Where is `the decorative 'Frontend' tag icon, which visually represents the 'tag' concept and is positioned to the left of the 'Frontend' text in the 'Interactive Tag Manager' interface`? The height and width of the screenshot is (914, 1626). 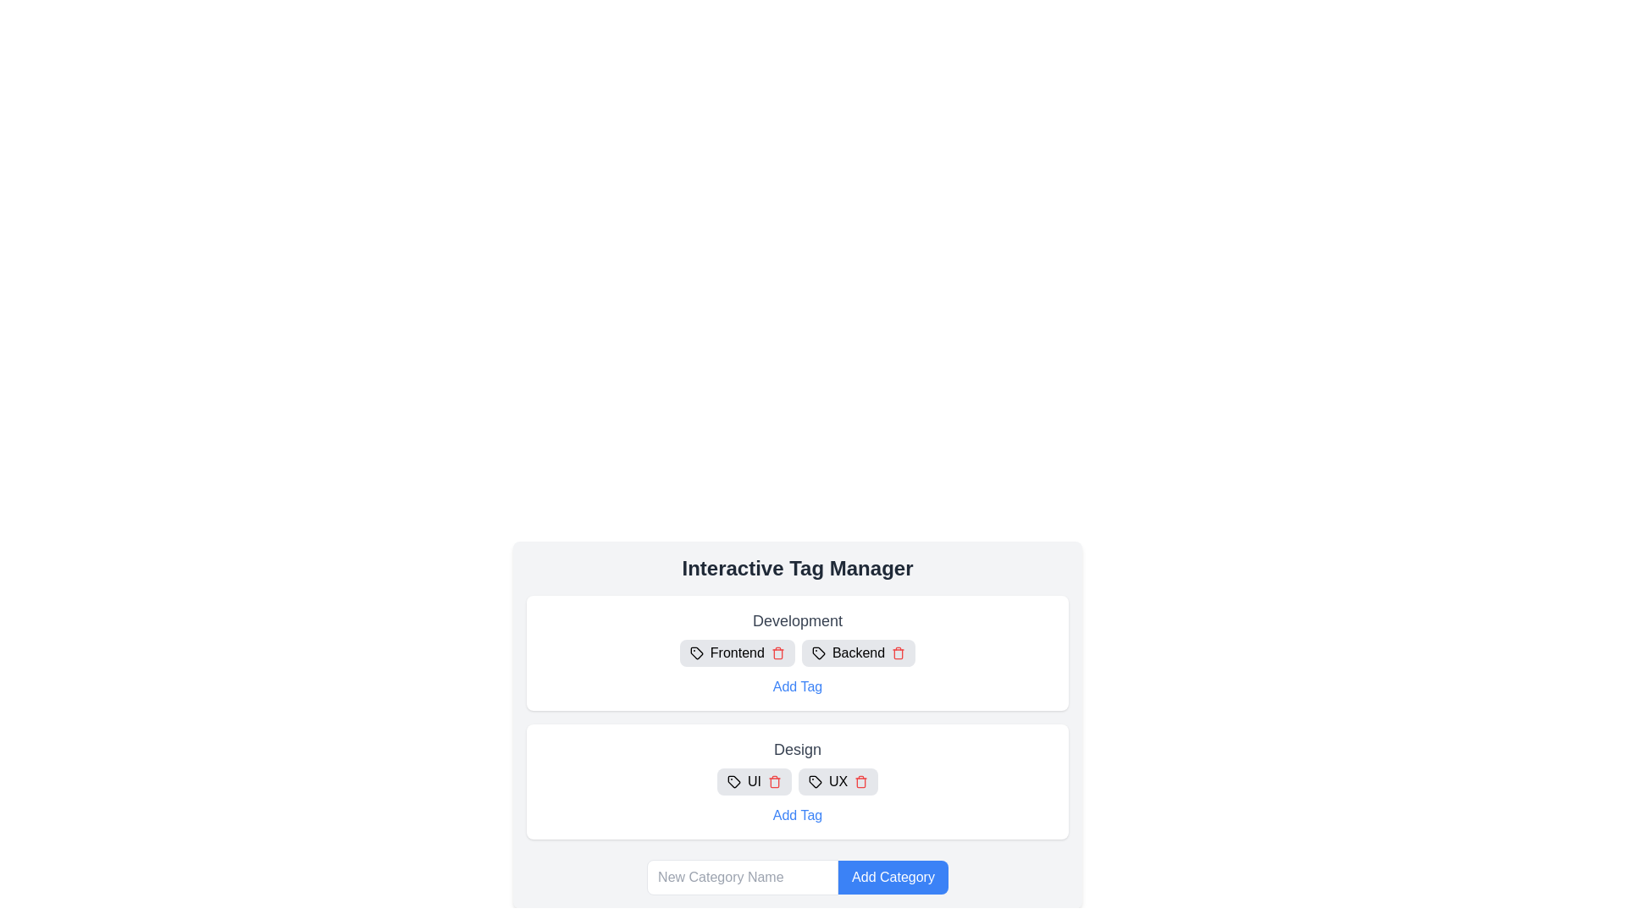 the decorative 'Frontend' tag icon, which visually represents the 'tag' concept and is positioned to the left of the 'Frontend' text in the 'Interactive Tag Manager' interface is located at coordinates (696, 652).